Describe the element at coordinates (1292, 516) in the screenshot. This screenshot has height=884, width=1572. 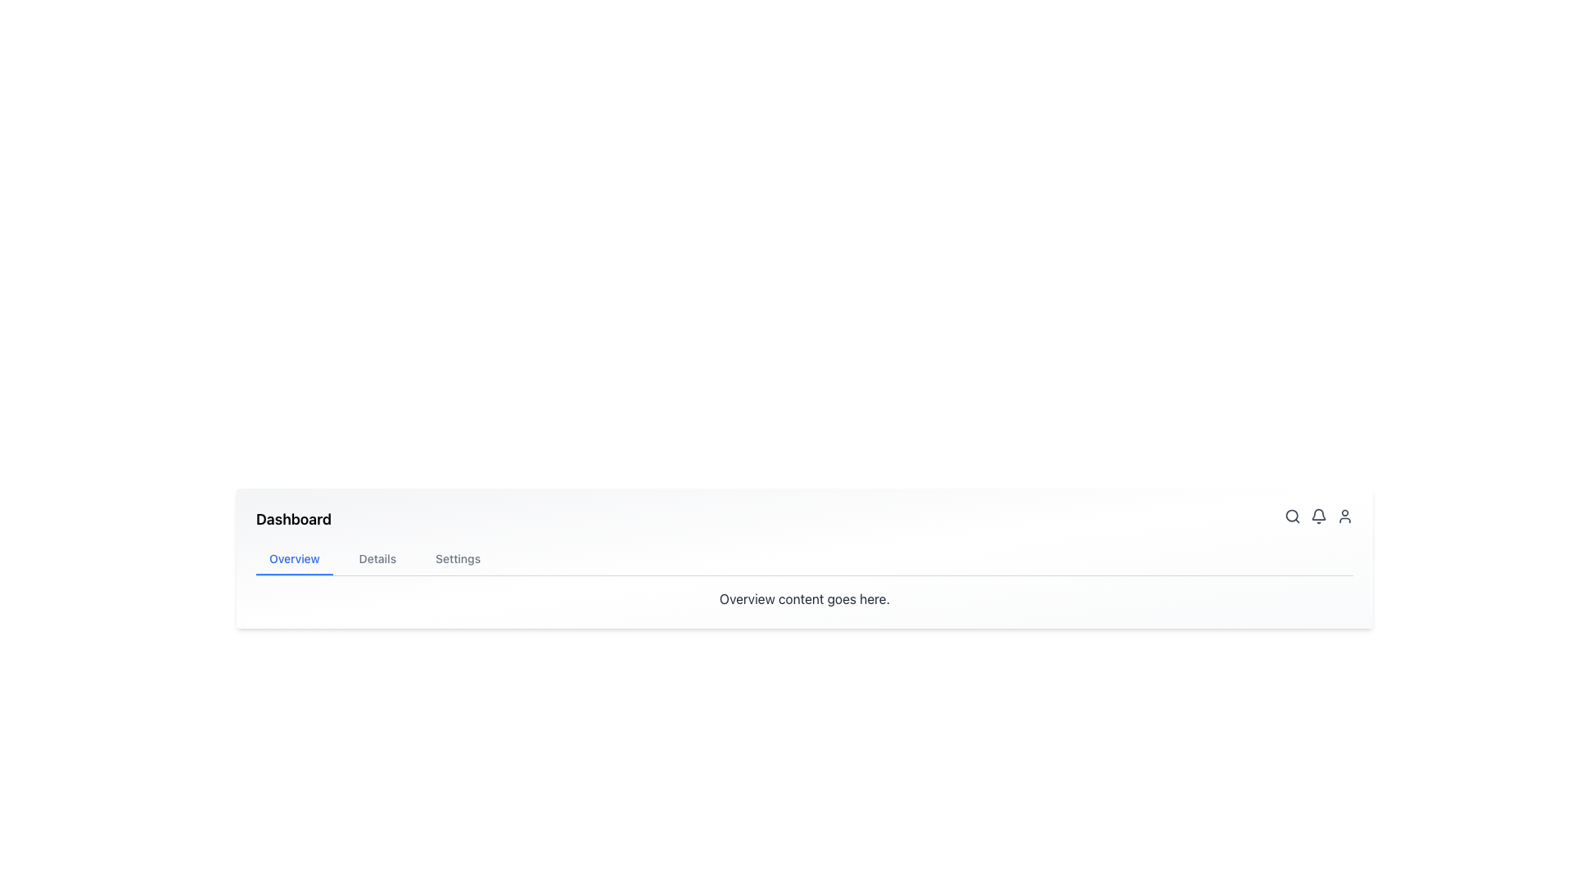
I see `the clickable search icon located in the header section of the interface` at that location.